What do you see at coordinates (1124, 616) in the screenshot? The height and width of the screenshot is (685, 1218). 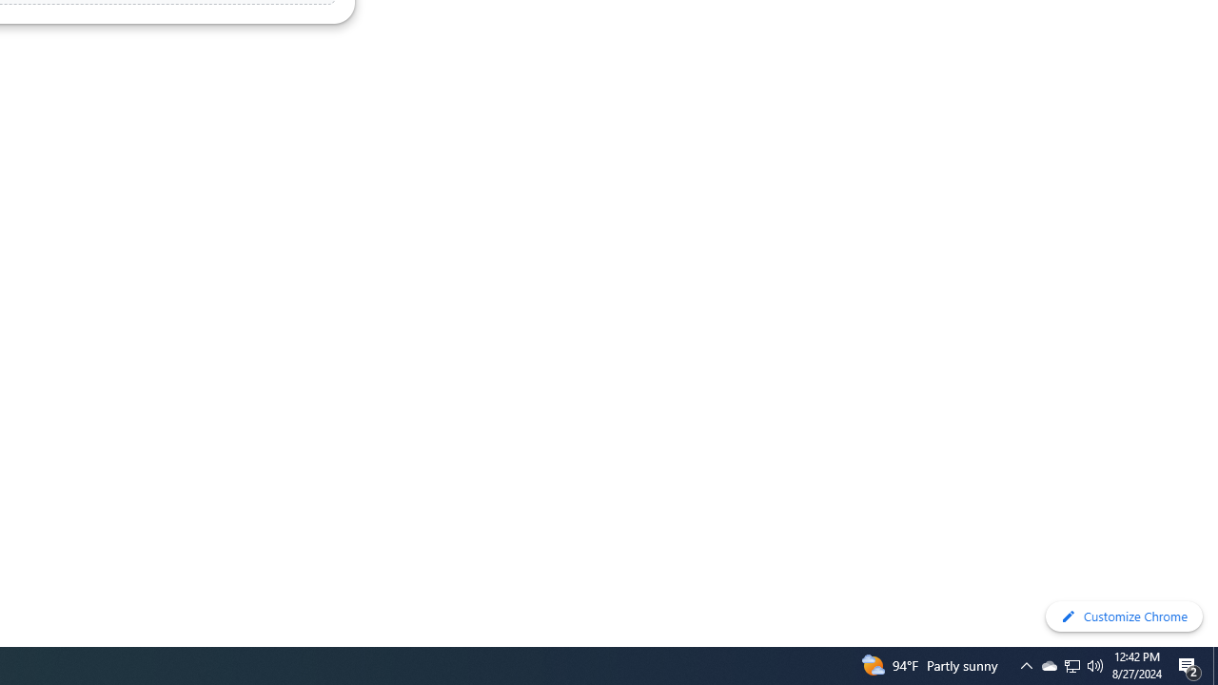 I see `'Customize Chrome'` at bounding box center [1124, 616].